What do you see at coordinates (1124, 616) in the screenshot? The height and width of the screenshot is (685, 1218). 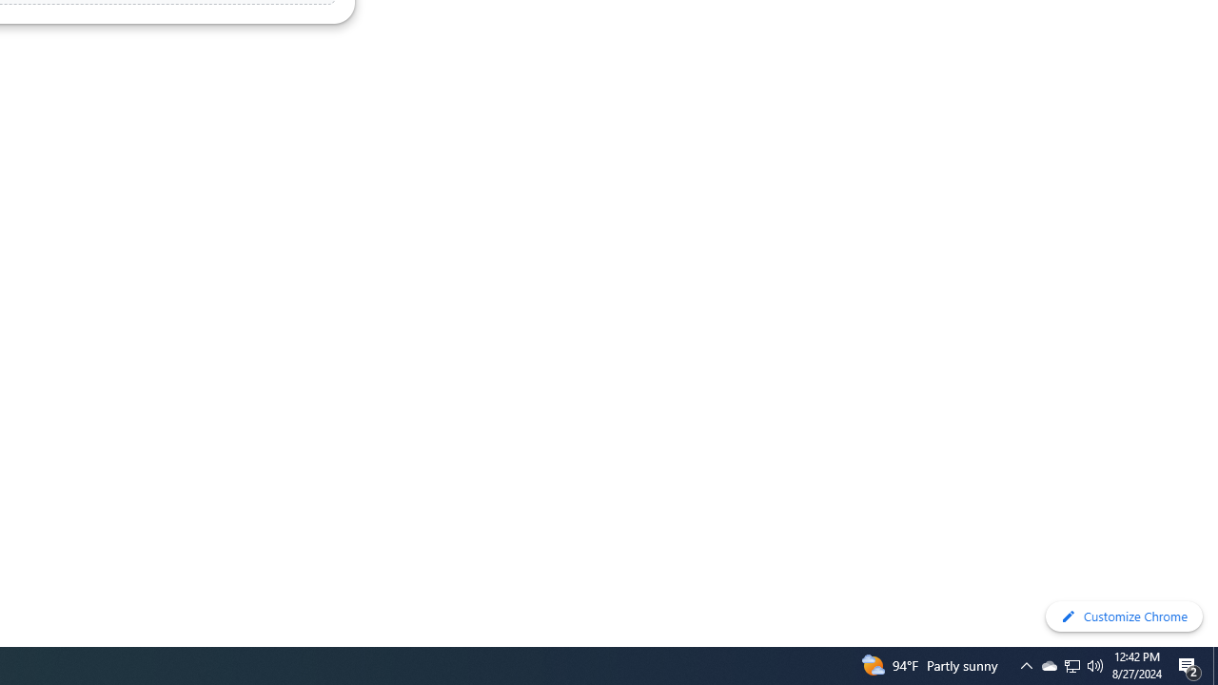 I see `'Customize Chrome'` at bounding box center [1124, 616].